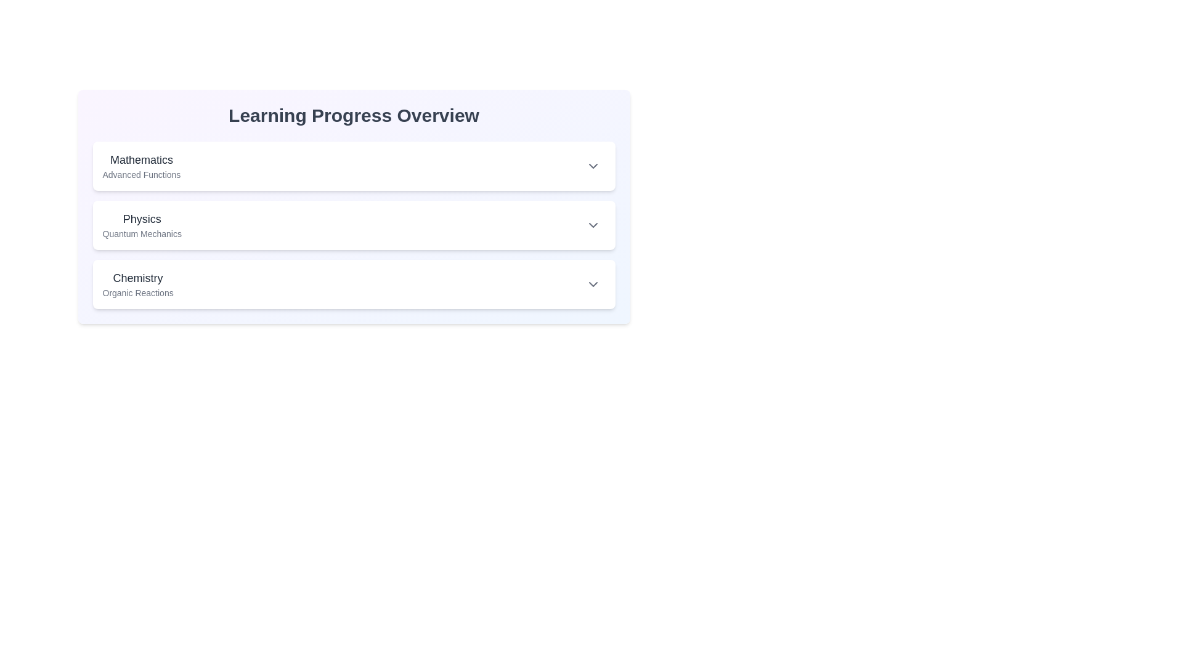 The height and width of the screenshot is (665, 1183). Describe the element at coordinates (353, 284) in the screenshot. I see `the 'Chemistry' card element in the learning progress overview` at that location.